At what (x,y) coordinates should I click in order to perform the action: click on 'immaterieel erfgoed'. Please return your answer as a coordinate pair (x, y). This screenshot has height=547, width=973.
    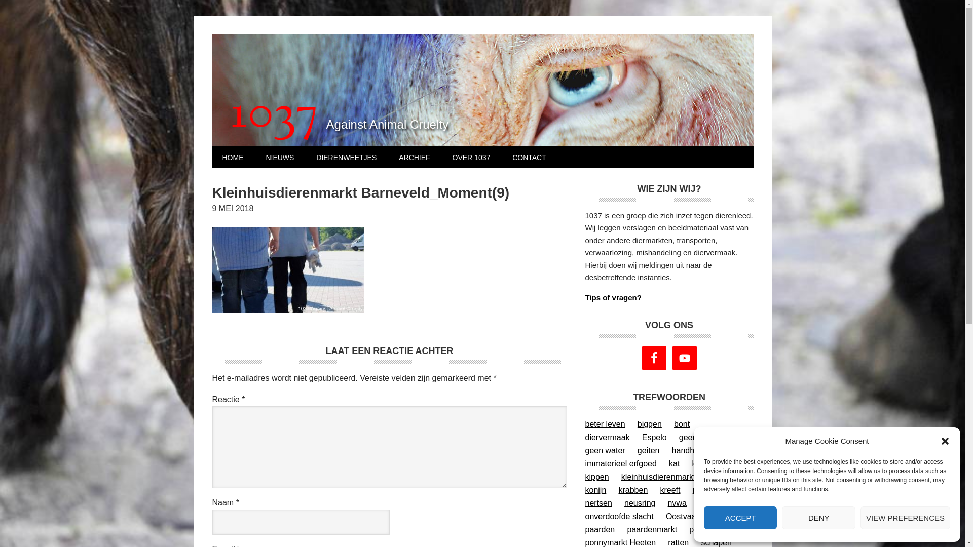
    Looking at the image, I should click on (620, 463).